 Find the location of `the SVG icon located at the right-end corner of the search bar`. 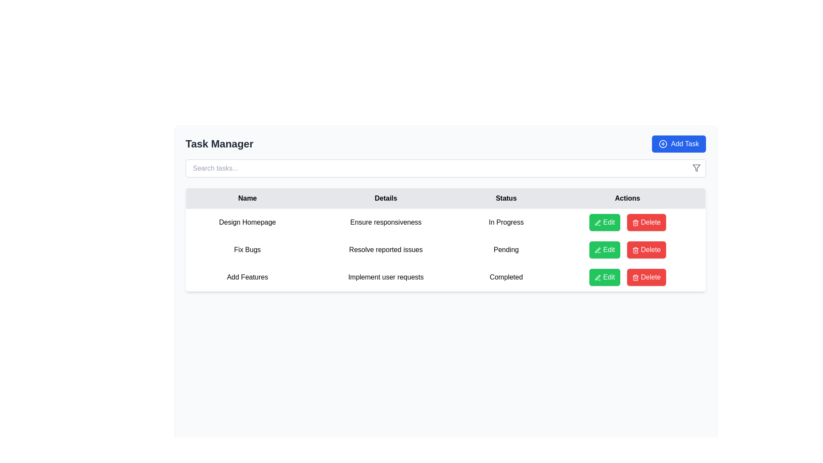

the SVG icon located at the right-end corner of the search bar is located at coordinates (697, 168).